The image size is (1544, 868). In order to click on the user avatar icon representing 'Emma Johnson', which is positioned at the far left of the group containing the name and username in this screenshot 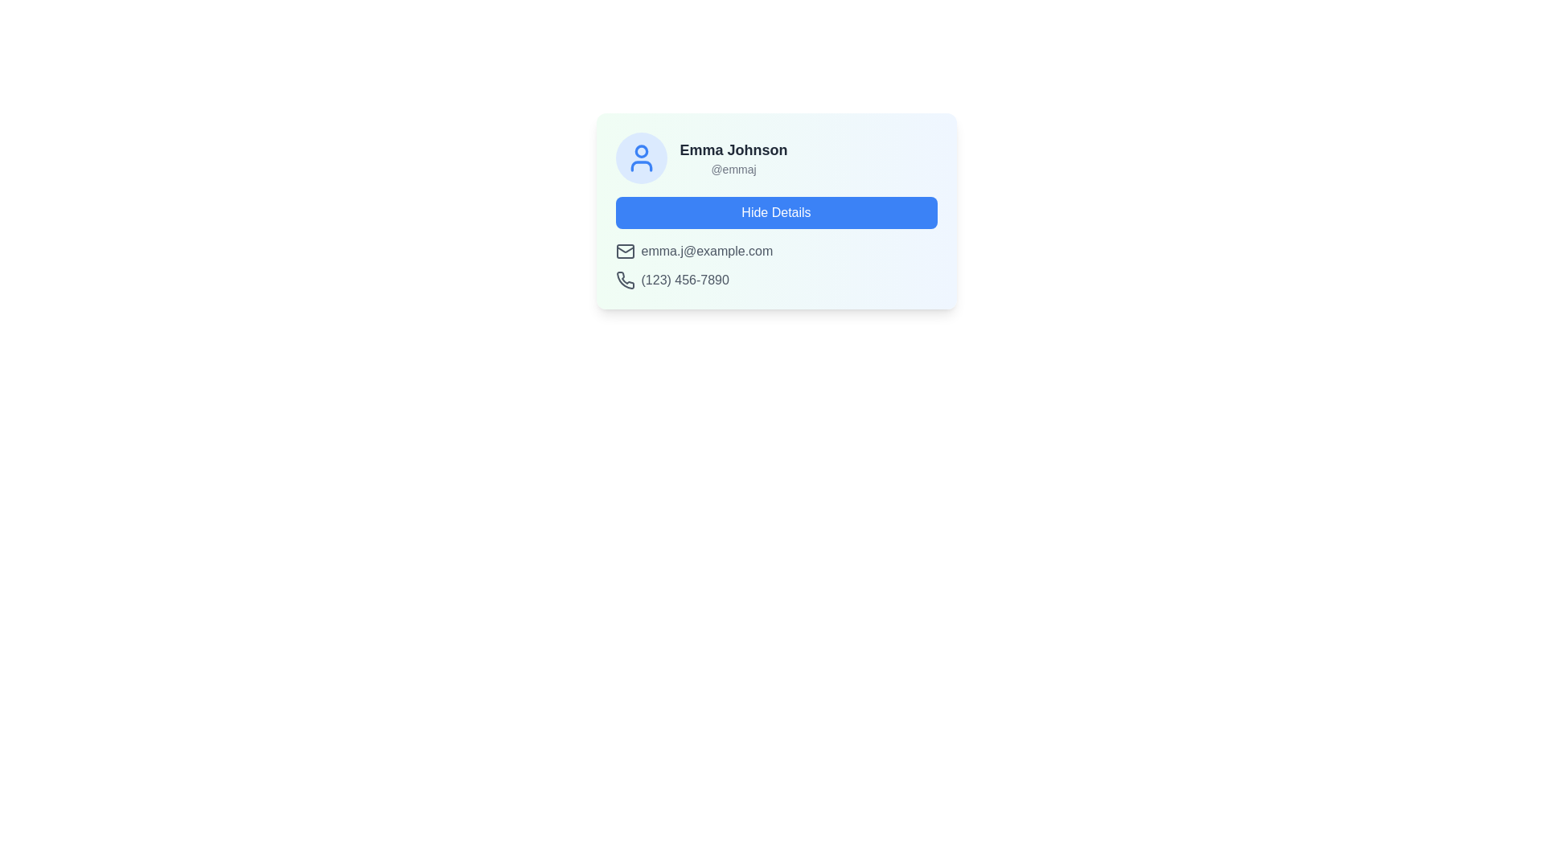, I will do `click(640, 158)`.